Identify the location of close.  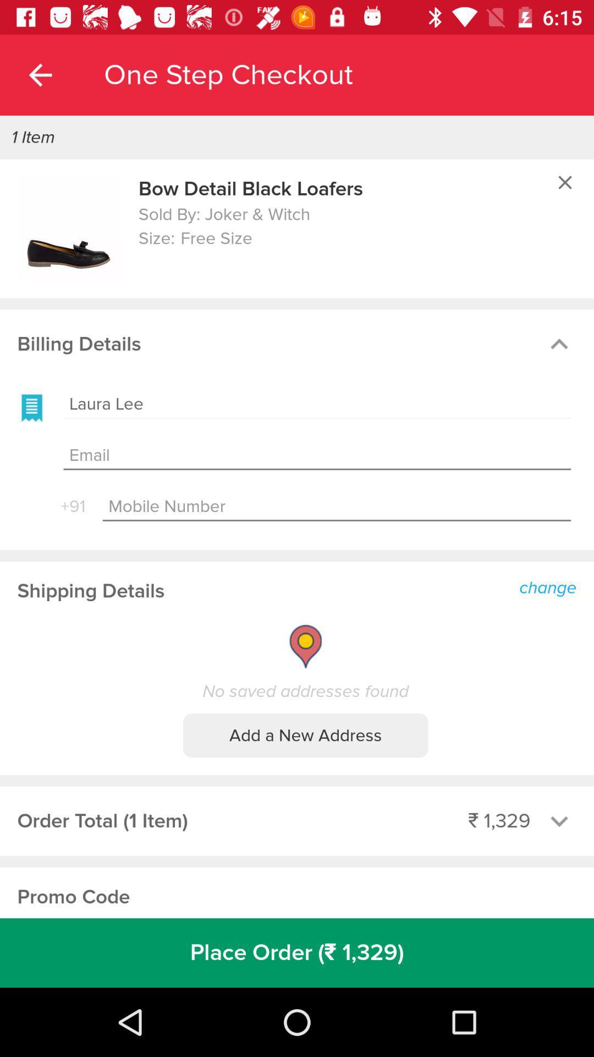
(565, 182).